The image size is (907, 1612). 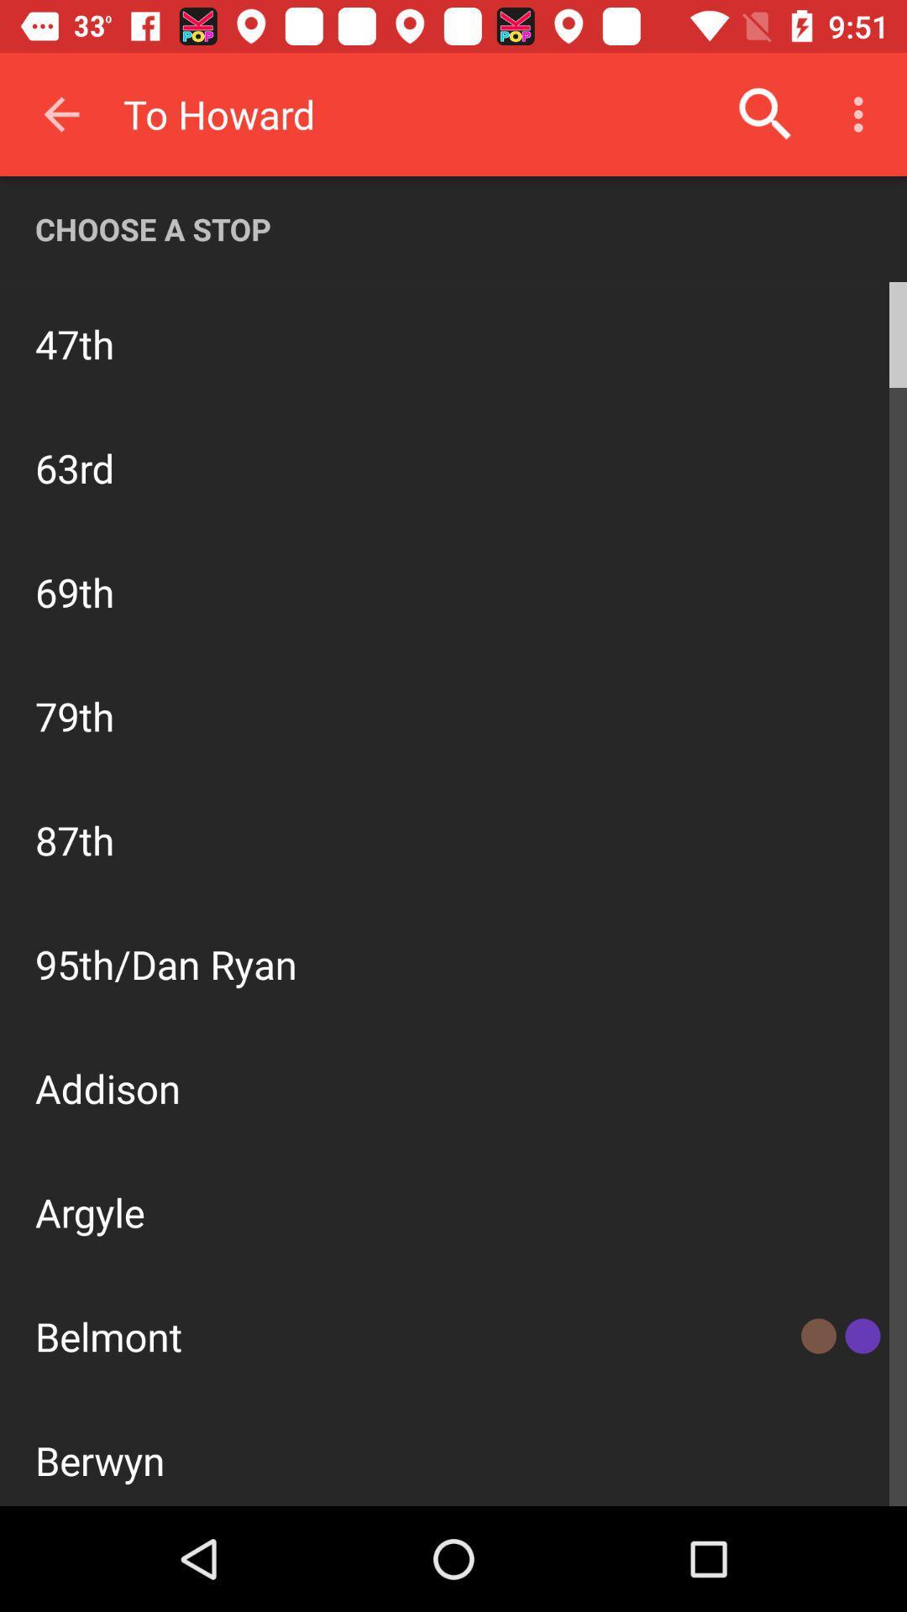 I want to click on all, so click(x=453, y=906).